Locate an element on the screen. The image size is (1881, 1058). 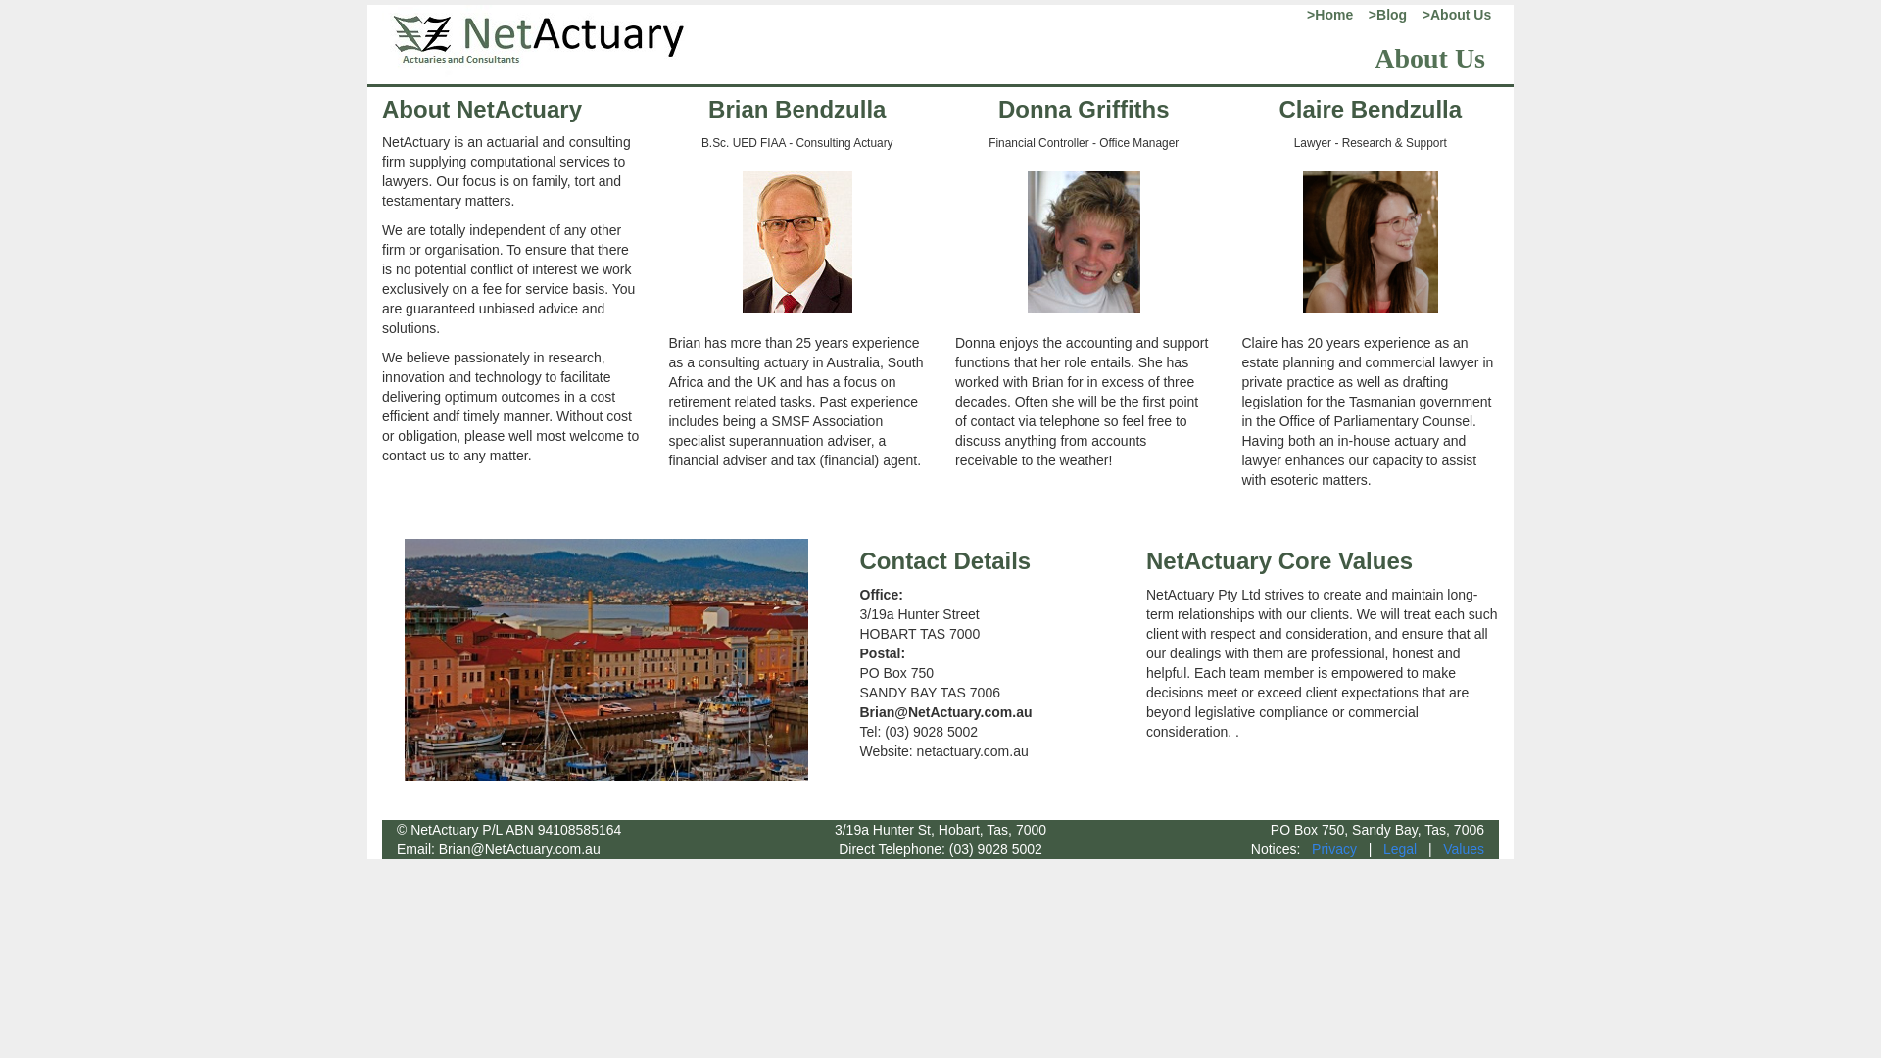
'Values' is located at coordinates (1463, 848).